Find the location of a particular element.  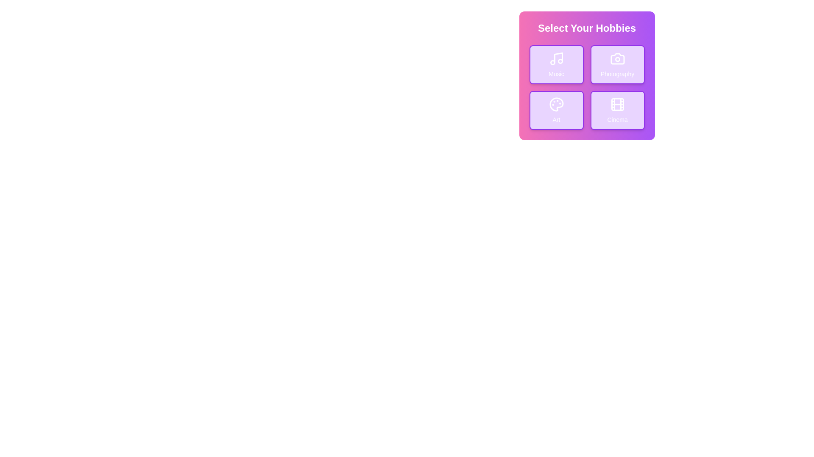

the Cinema button to toggle its selection state is located at coordinates (617, 110).